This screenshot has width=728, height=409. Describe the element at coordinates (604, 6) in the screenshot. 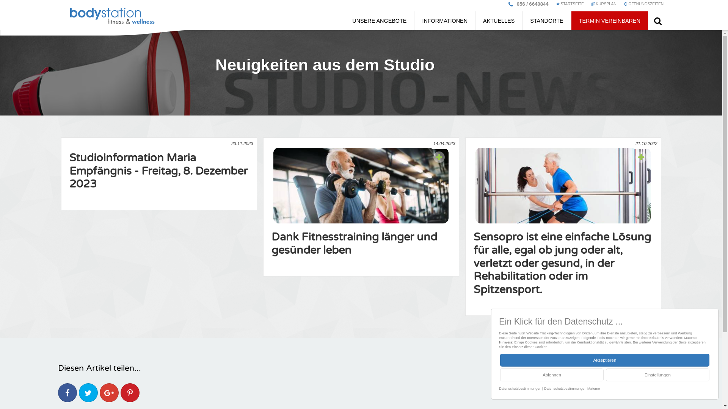

I see `'KURSPLAN'` at that location.